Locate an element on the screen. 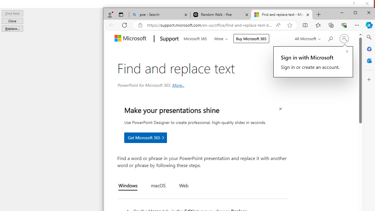 This screenshot has width=375, height=211. 'Back' is located at coordinates (111, 25).